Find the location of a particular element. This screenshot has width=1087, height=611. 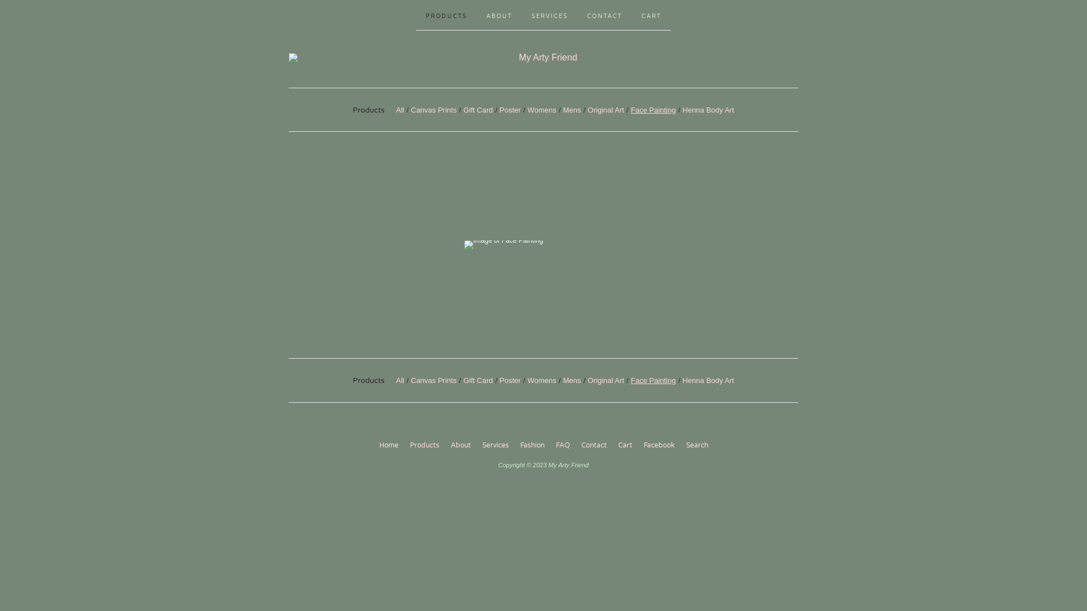

'Facebook' is located at coordinates (658, 445).